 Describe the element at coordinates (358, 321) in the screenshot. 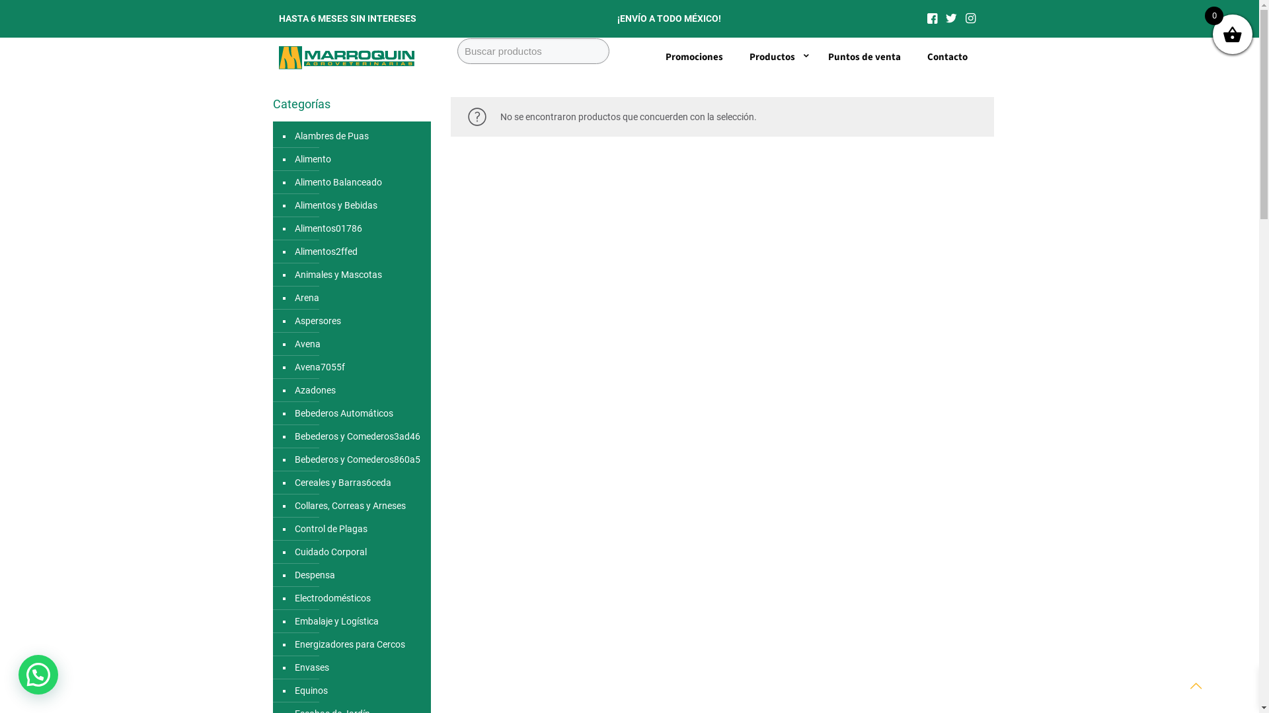

I see `'Aspersores'` at that location.